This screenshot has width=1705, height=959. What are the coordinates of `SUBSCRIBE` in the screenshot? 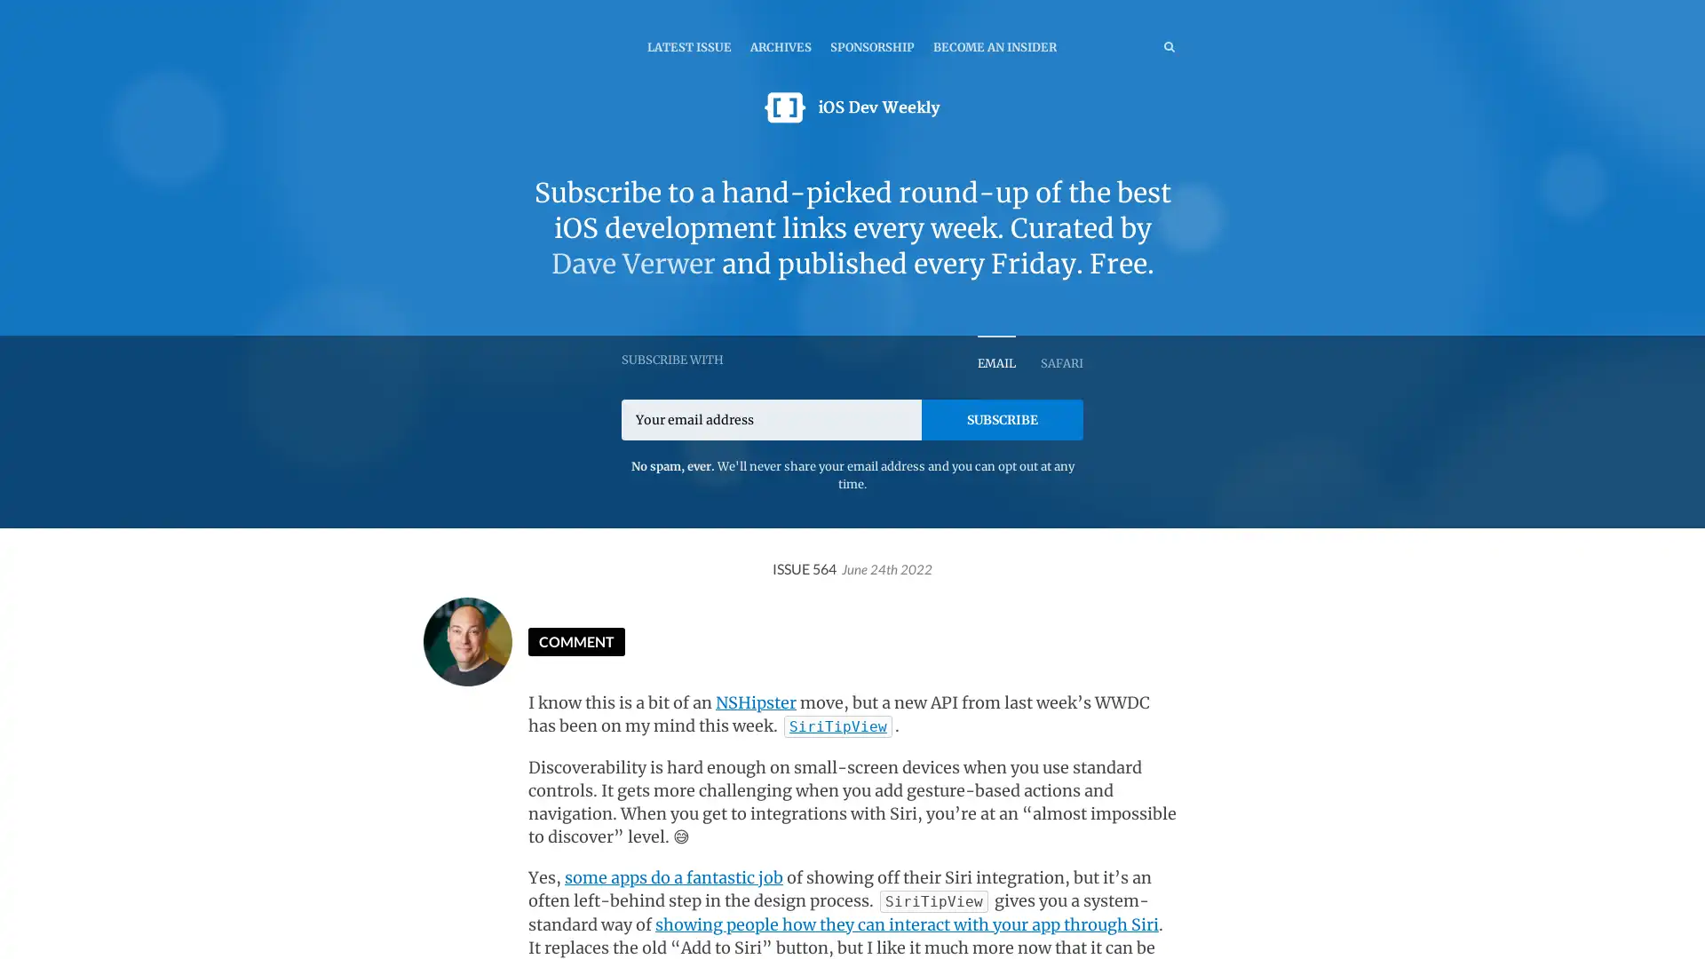 It's located at (1002, 420).